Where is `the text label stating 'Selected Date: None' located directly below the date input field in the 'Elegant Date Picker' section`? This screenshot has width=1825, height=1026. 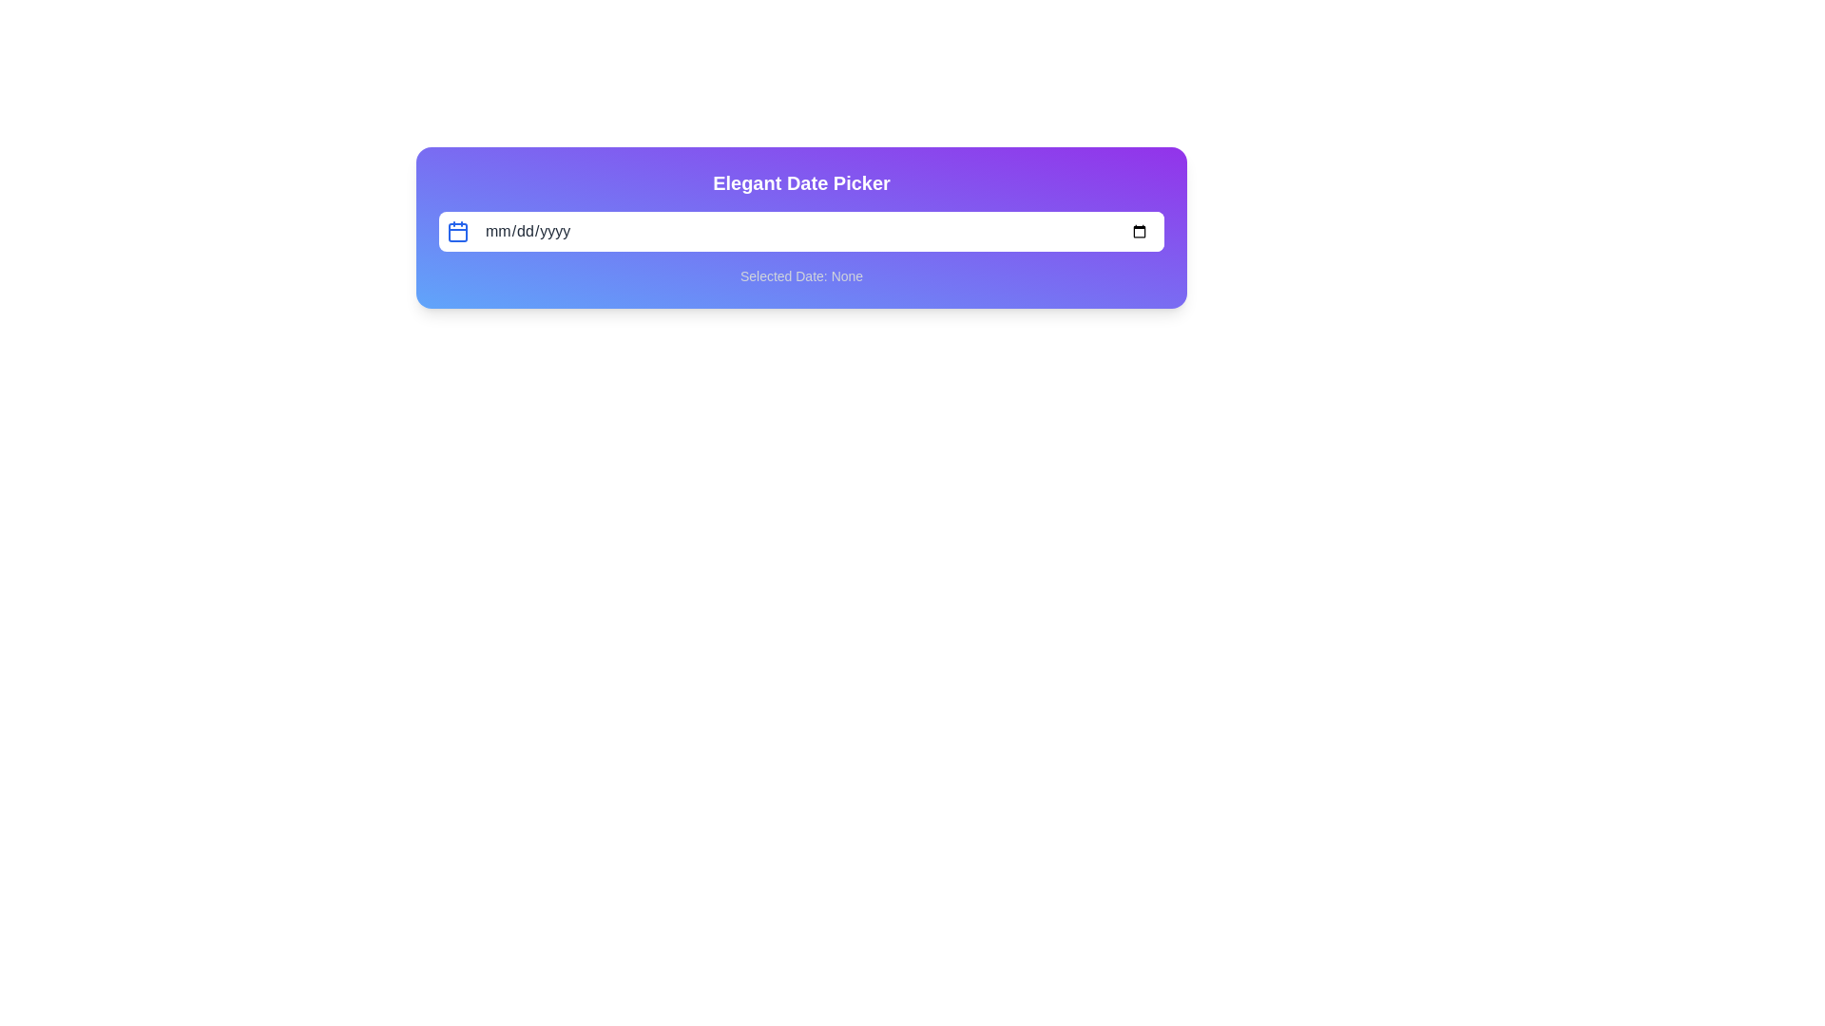 the text label stating 'Selected Date: None' located directly below the date input field in the 'Elegant Date Picker' section is located at coordinates (801, 275).